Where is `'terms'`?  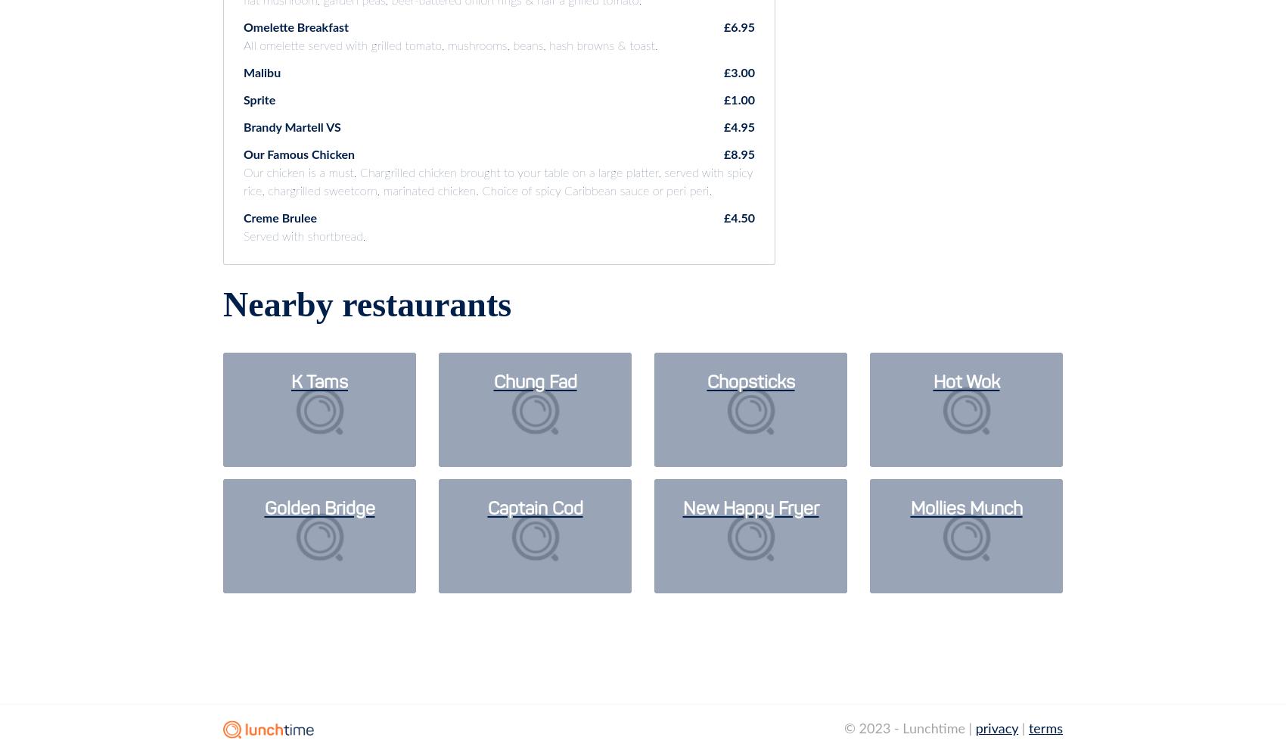 'terms' is located at coordinates (1045, 728).